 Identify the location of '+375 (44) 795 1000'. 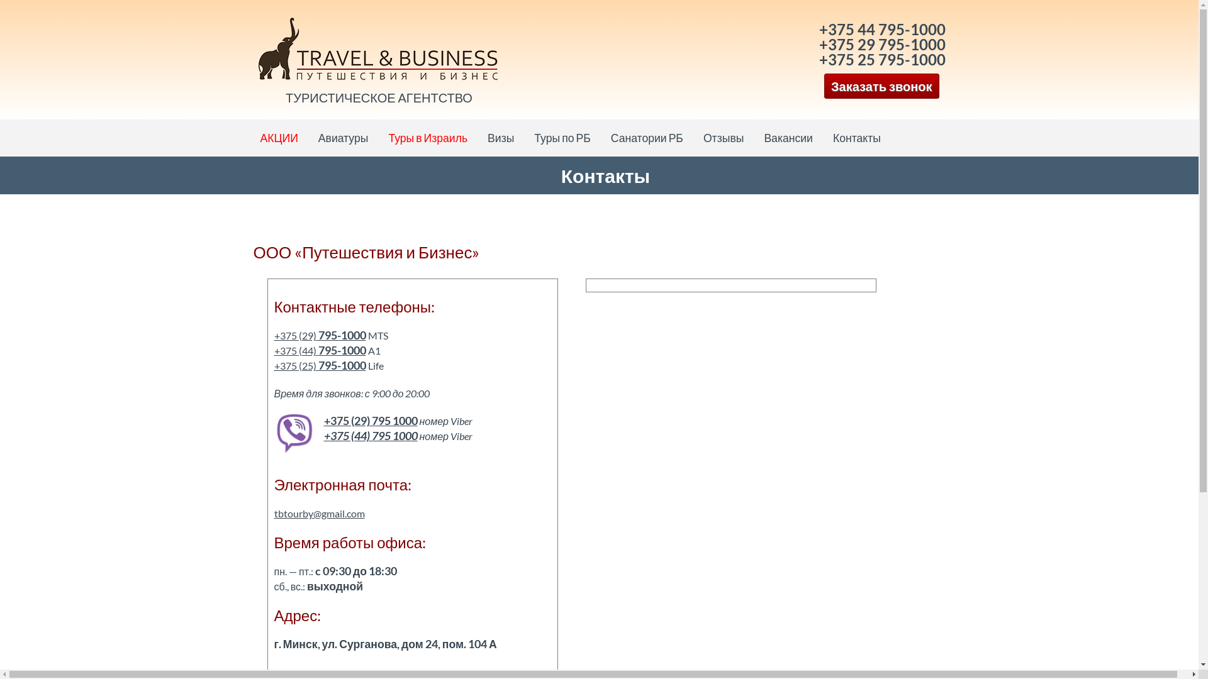
(369, 435).